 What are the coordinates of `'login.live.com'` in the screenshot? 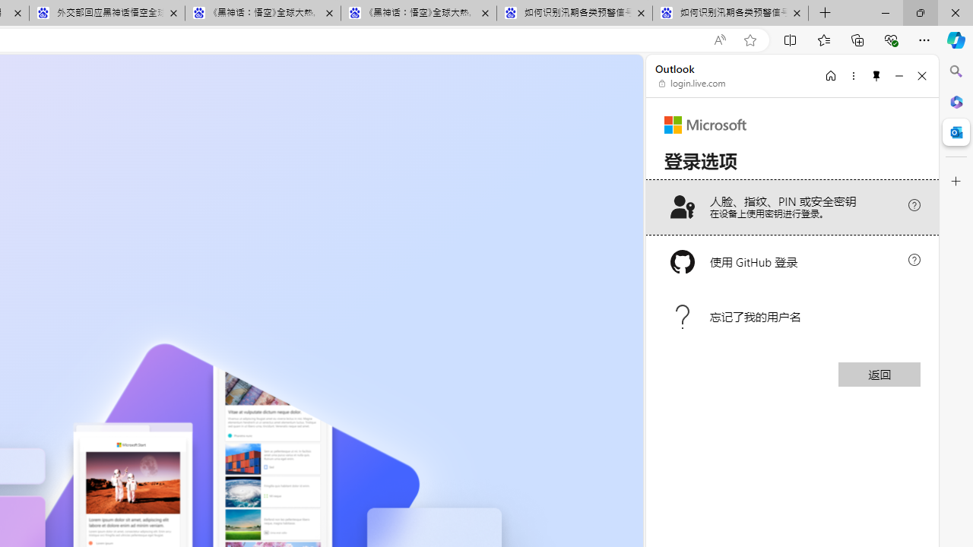 It's located at (692, 84).